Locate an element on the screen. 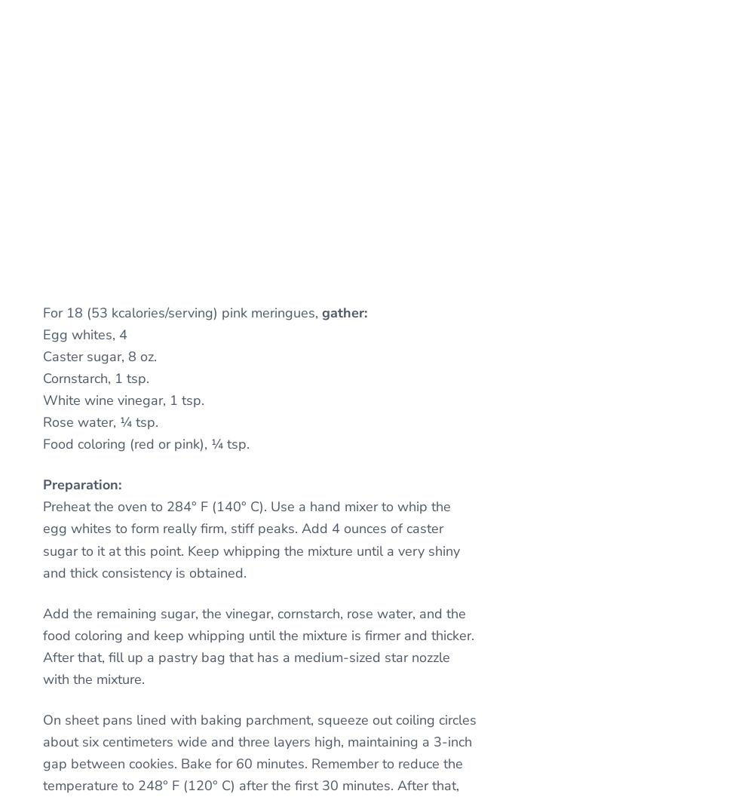 The height and width of the screenshot is (800, 742). 'Food coloring (red or pink), ¼ tsp.' is located at coordinates (146, 443).